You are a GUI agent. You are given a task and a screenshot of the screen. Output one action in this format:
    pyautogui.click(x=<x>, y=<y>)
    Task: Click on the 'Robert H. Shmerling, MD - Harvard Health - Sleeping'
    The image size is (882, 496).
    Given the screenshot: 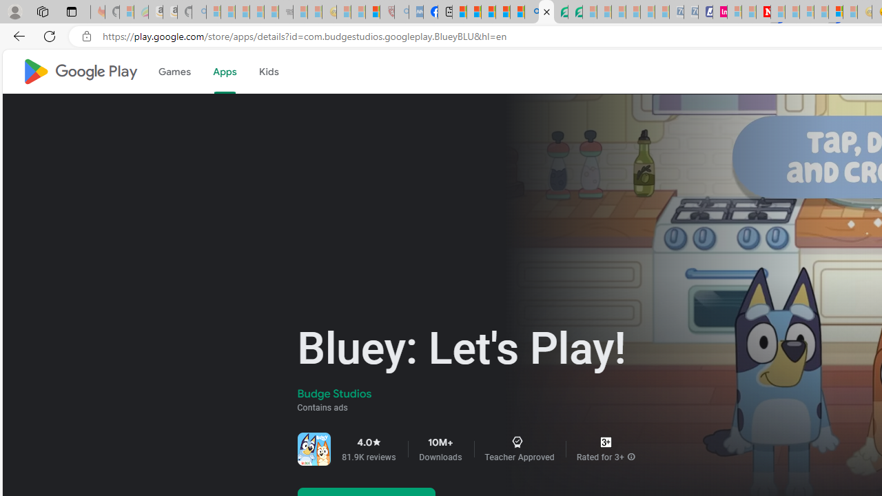 What is the action you would take?
    pyautogui.click(x=386, y=12)
    